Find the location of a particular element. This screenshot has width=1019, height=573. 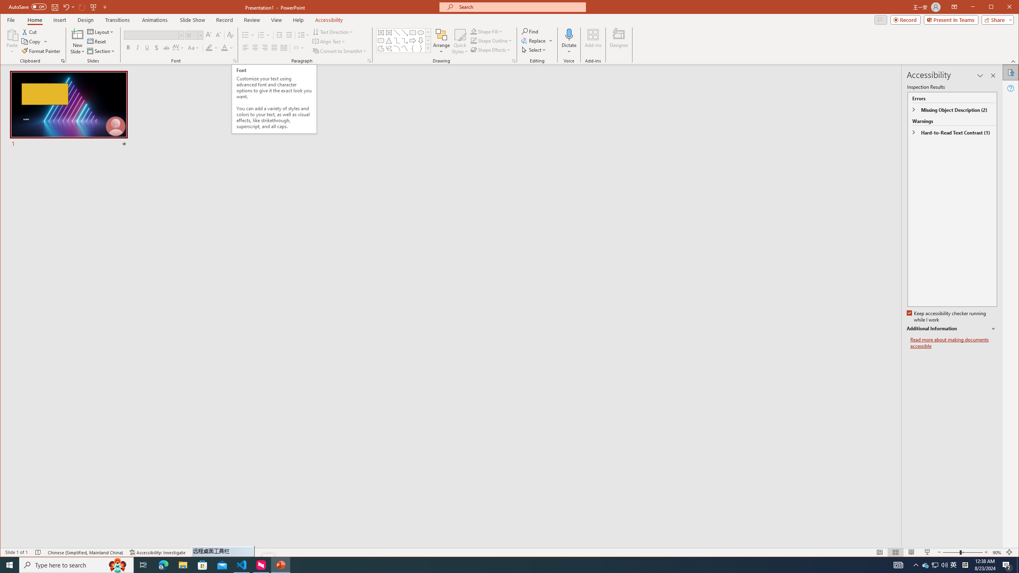

'Shape Outline' is located at coordinates (492, 41).